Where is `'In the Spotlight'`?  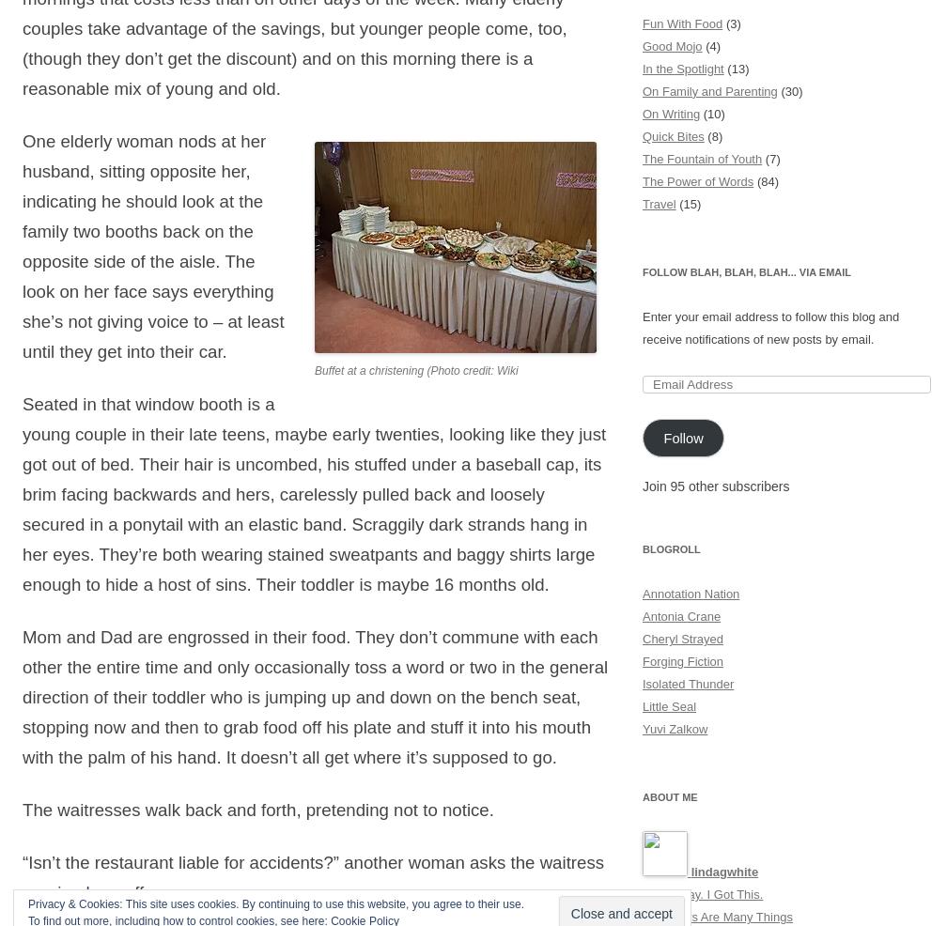 'In the Spotlight' is located at coordinates (682, 67).